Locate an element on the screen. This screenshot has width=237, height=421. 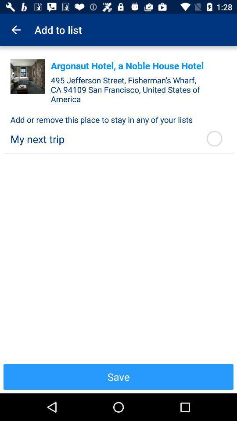
save icon is located at coordinates (118, 376).